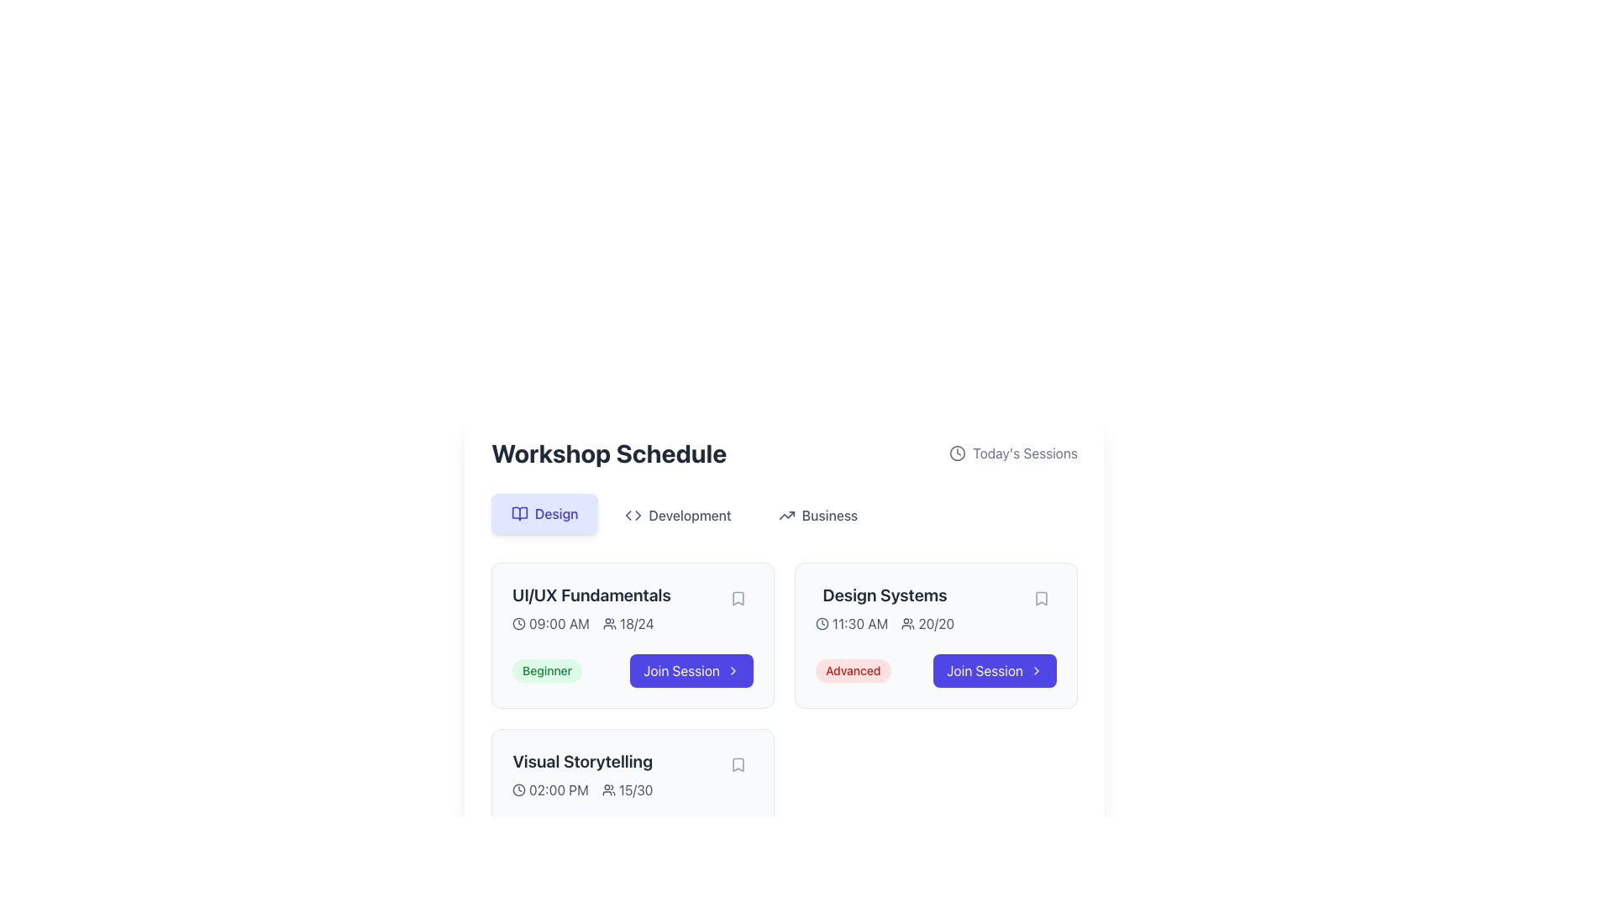 This screenshot has height=907, width=1613. Describe the element at coordinates (628, 624) in the screenshot. I see `the composite element consisting of an icon (group of people) and a text label indicating the number of participants present out of total capacity, located to the right of the clock icon ('09:00 AM') in the first card of the 'Workshop Schedule' section` at that location.